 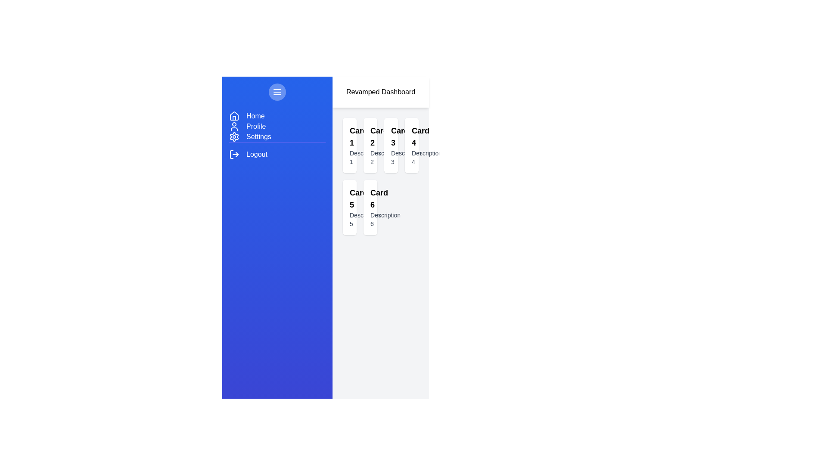 I want to click on the settings icon located in the sidebar of the interface, which is aligned vertically with other navigation items and to the left of the text label 'Settings', so click(x=234, y=136).